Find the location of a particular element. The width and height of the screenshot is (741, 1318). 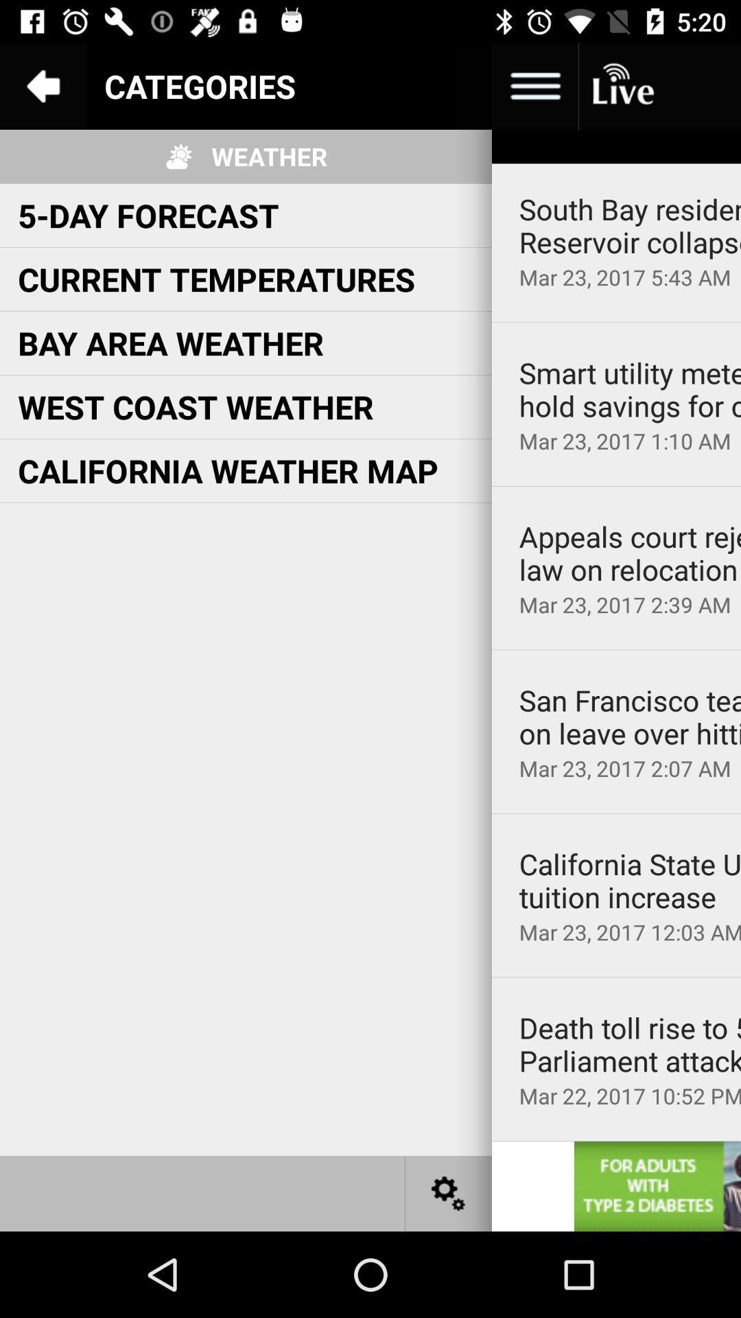

go back is located at coordinates (42, 85).